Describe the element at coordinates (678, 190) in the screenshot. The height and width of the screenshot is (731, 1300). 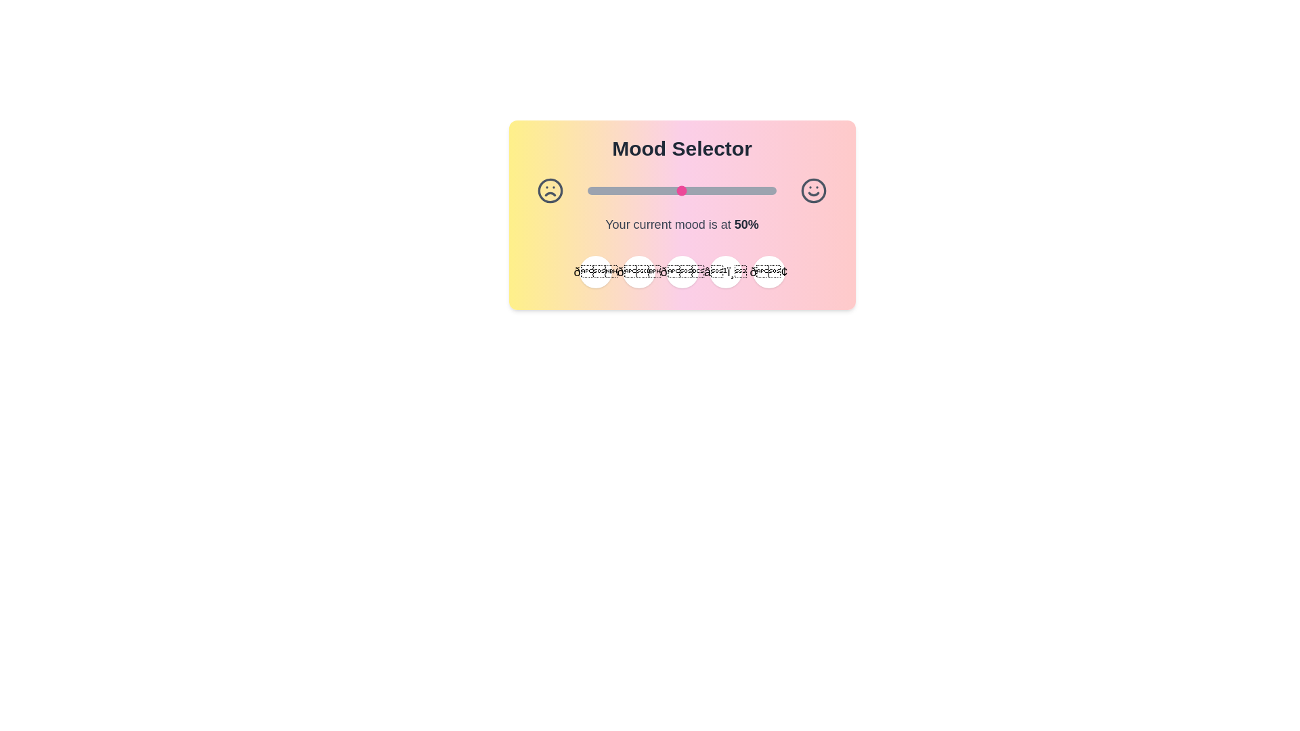
I see `the mood slider to 48%` at that location.